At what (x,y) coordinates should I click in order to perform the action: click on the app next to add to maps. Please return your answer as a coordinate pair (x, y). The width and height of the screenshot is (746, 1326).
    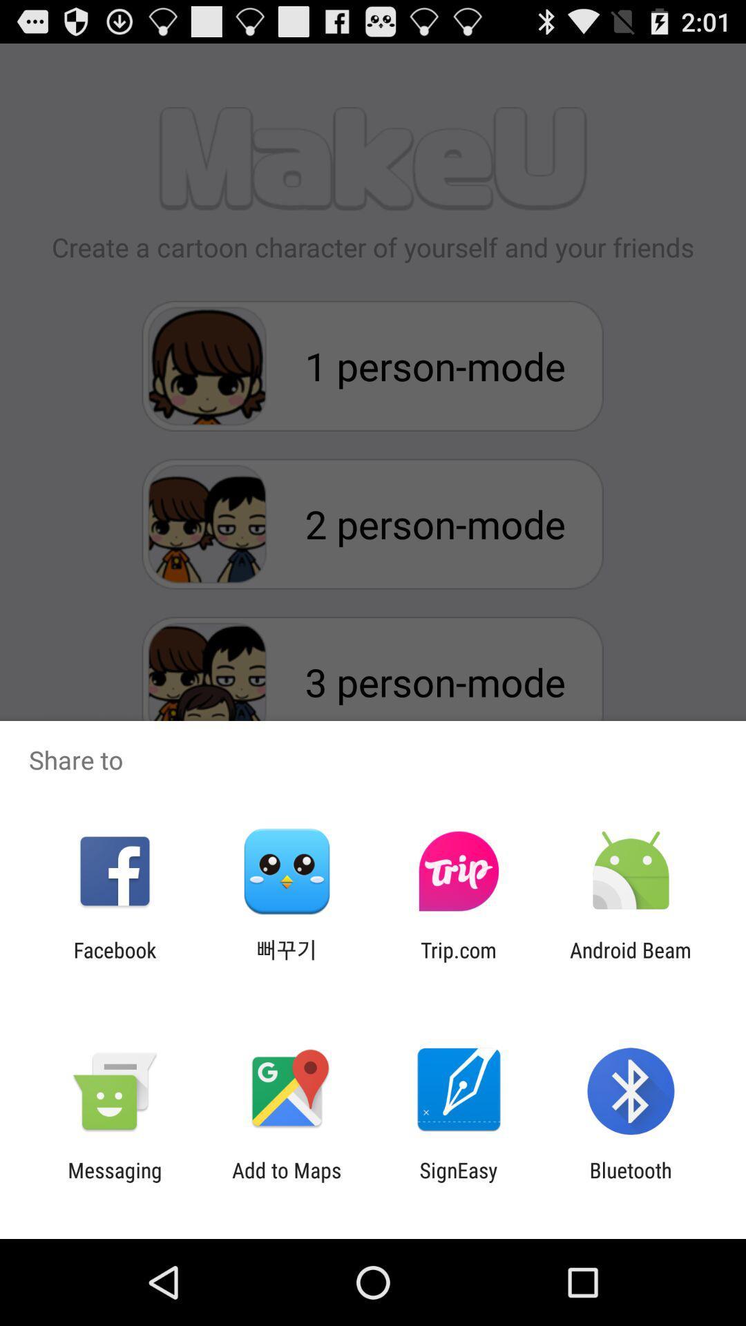
    Looking at the image, I should click on (114, 1182).